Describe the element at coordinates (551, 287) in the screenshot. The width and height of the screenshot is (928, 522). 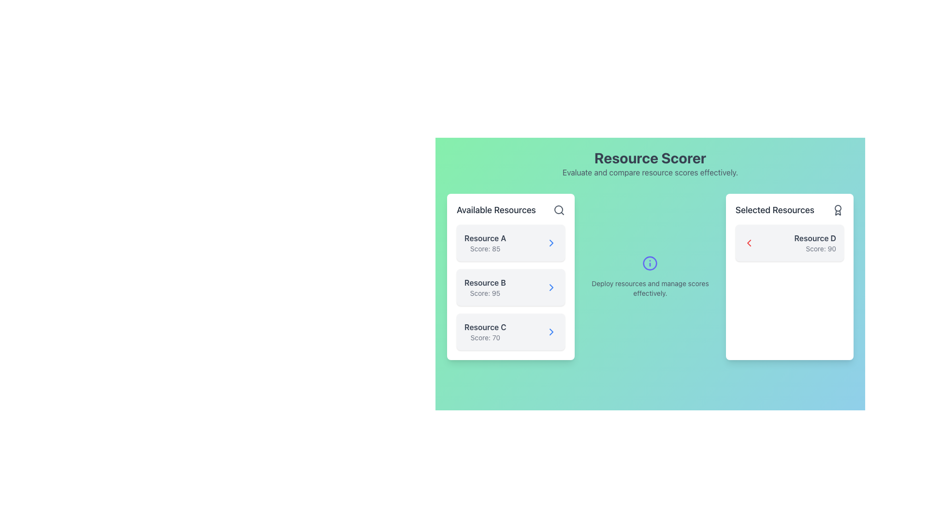
I see `the blue arrow icon button located to the right of the 'Resource B' score display` at that location.